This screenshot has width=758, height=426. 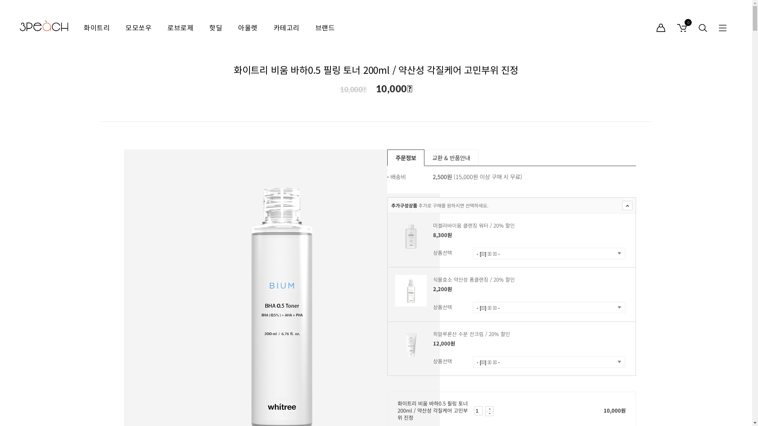 I want to click on '0', so click(x=670, y=27).